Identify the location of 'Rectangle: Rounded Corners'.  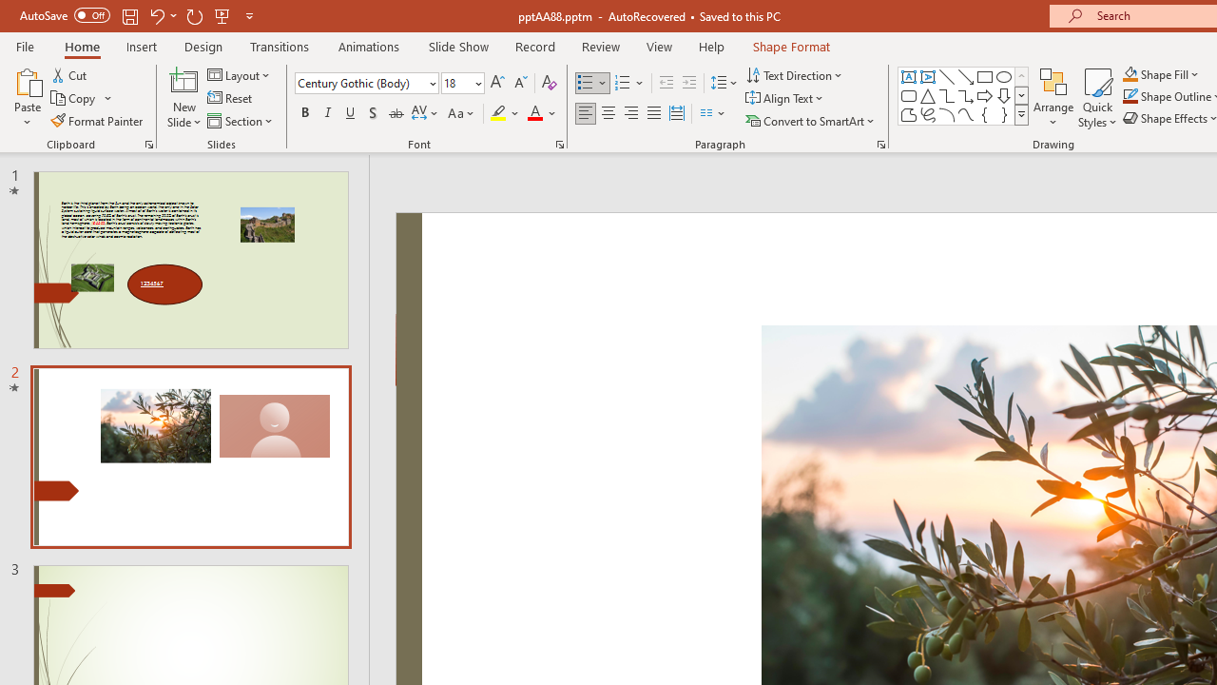
(908, 95).